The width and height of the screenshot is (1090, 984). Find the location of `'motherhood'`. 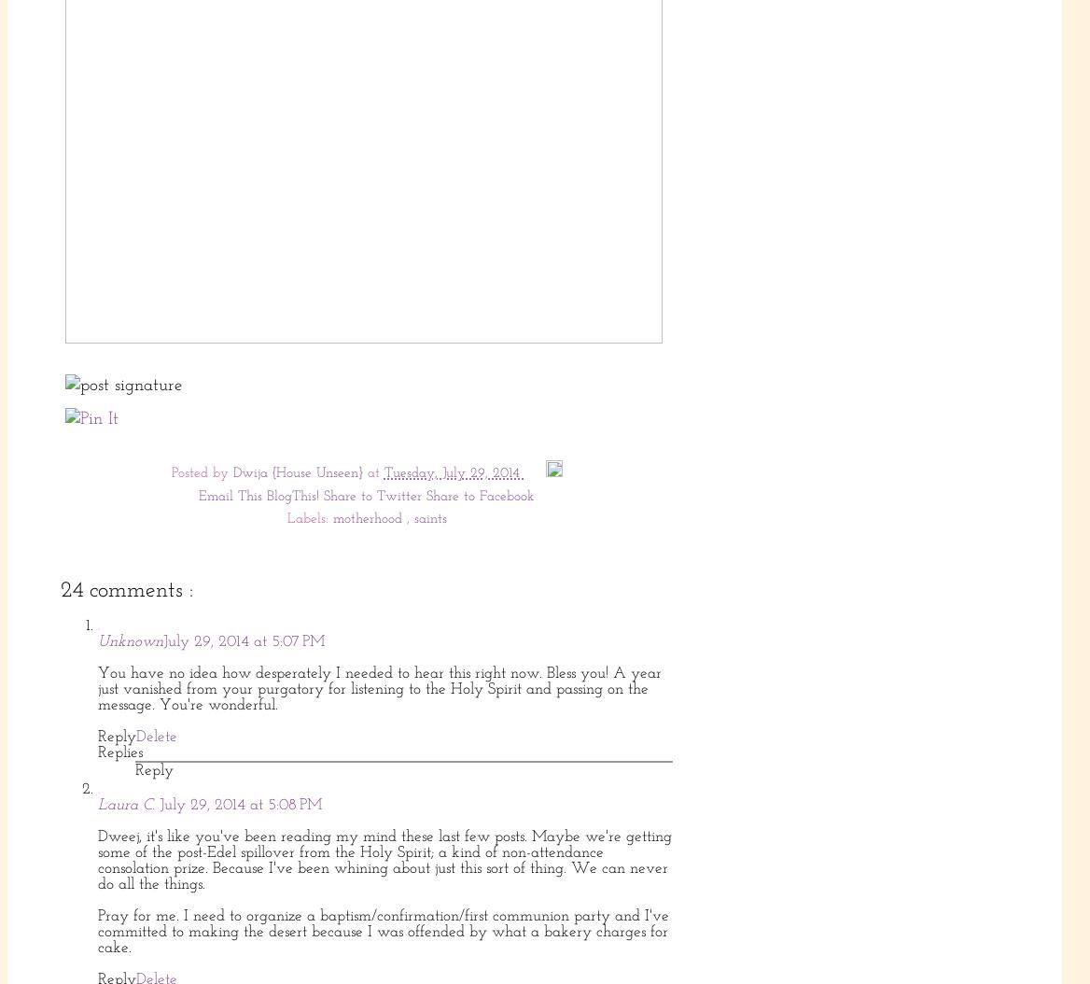

'motherhood' is located at coordinates (368, 519).